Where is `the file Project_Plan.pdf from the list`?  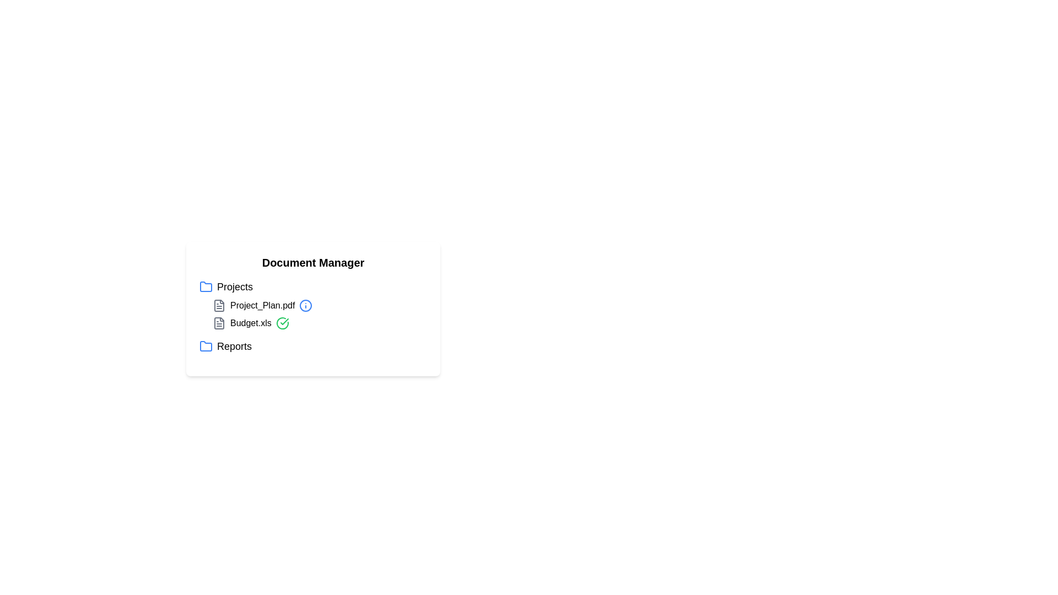
the file Project_Plan.pdf from the list is located at coordinates (262, 306).